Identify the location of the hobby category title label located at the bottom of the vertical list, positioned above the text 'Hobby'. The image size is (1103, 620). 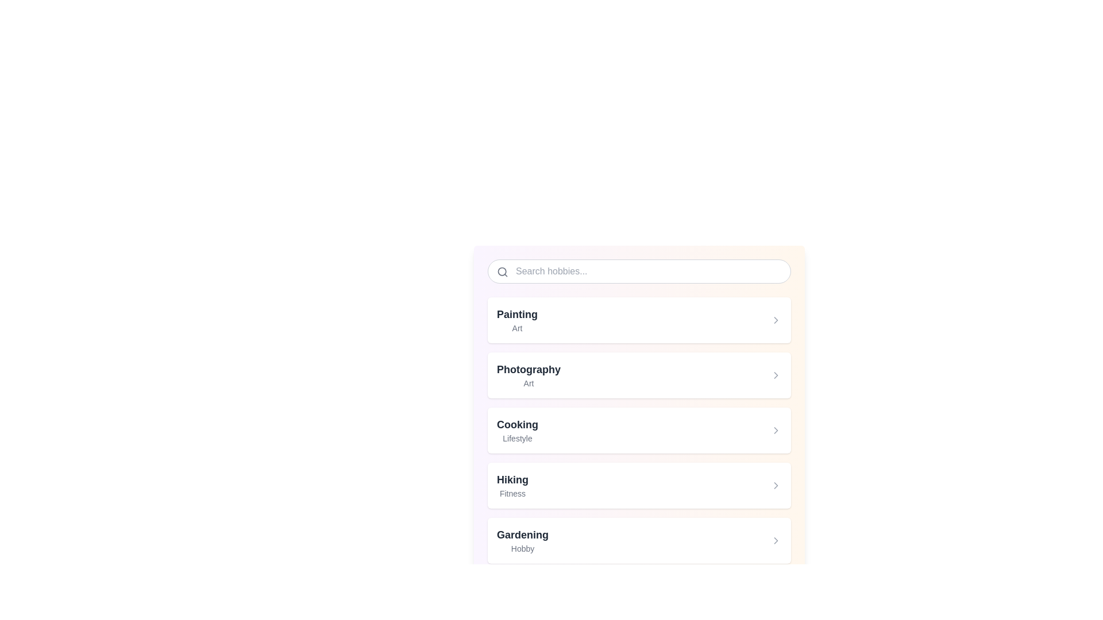
(522, 535).